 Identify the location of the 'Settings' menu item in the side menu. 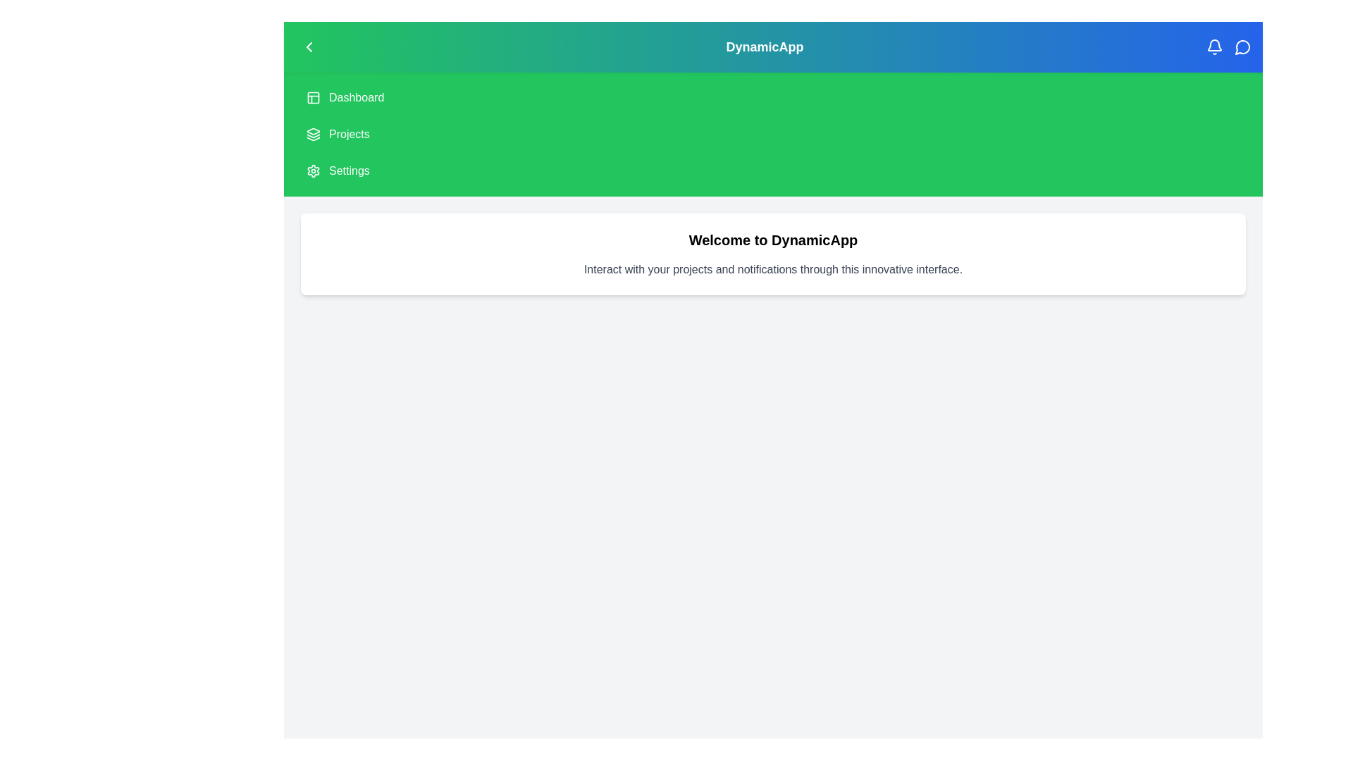
(348, 171).